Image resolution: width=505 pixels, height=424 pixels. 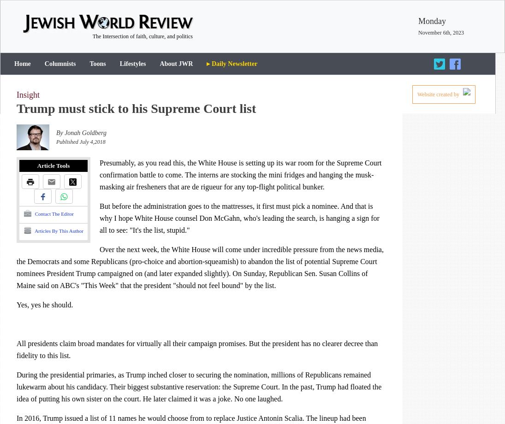 I want to click on 'Susan Collins', so click(x=339, y=273).